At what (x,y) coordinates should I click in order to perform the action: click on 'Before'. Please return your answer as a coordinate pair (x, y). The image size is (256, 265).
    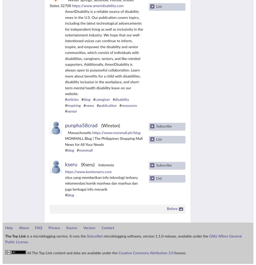
    Looking at the image, I should click on (172, 208).